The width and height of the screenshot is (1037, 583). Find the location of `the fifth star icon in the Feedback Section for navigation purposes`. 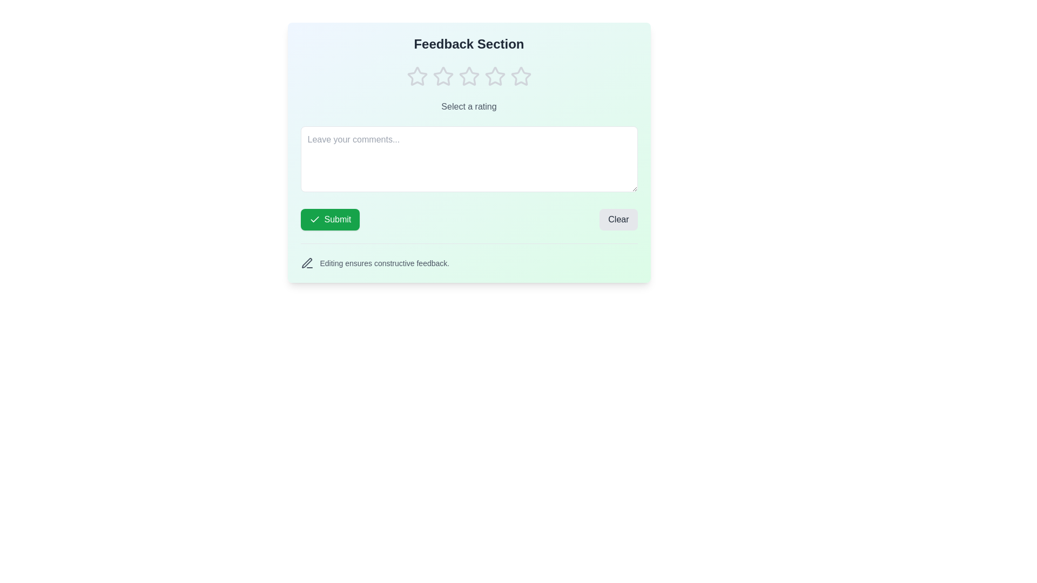

the fifth star icon in the Feedback Section for navigation purposes is located at coordinates (521, 76).